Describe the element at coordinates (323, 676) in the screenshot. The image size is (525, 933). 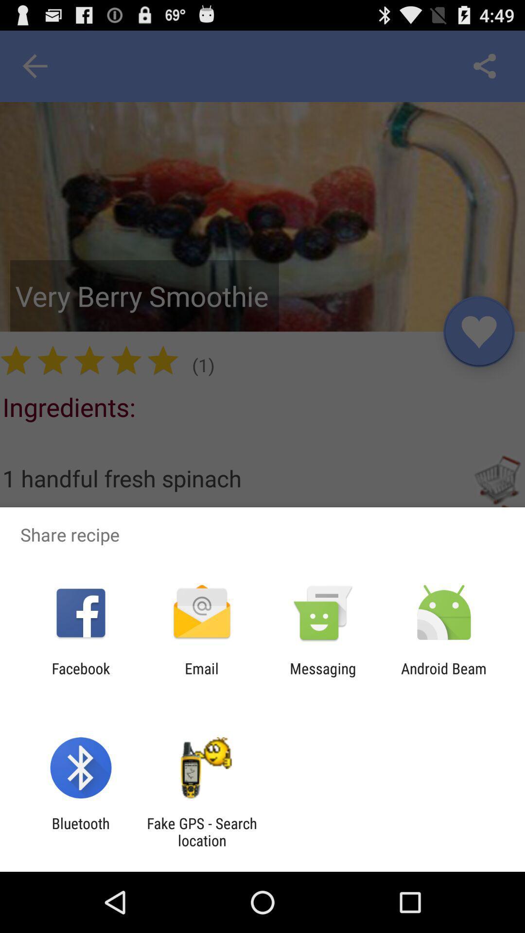
I see `messaging item` at that location.